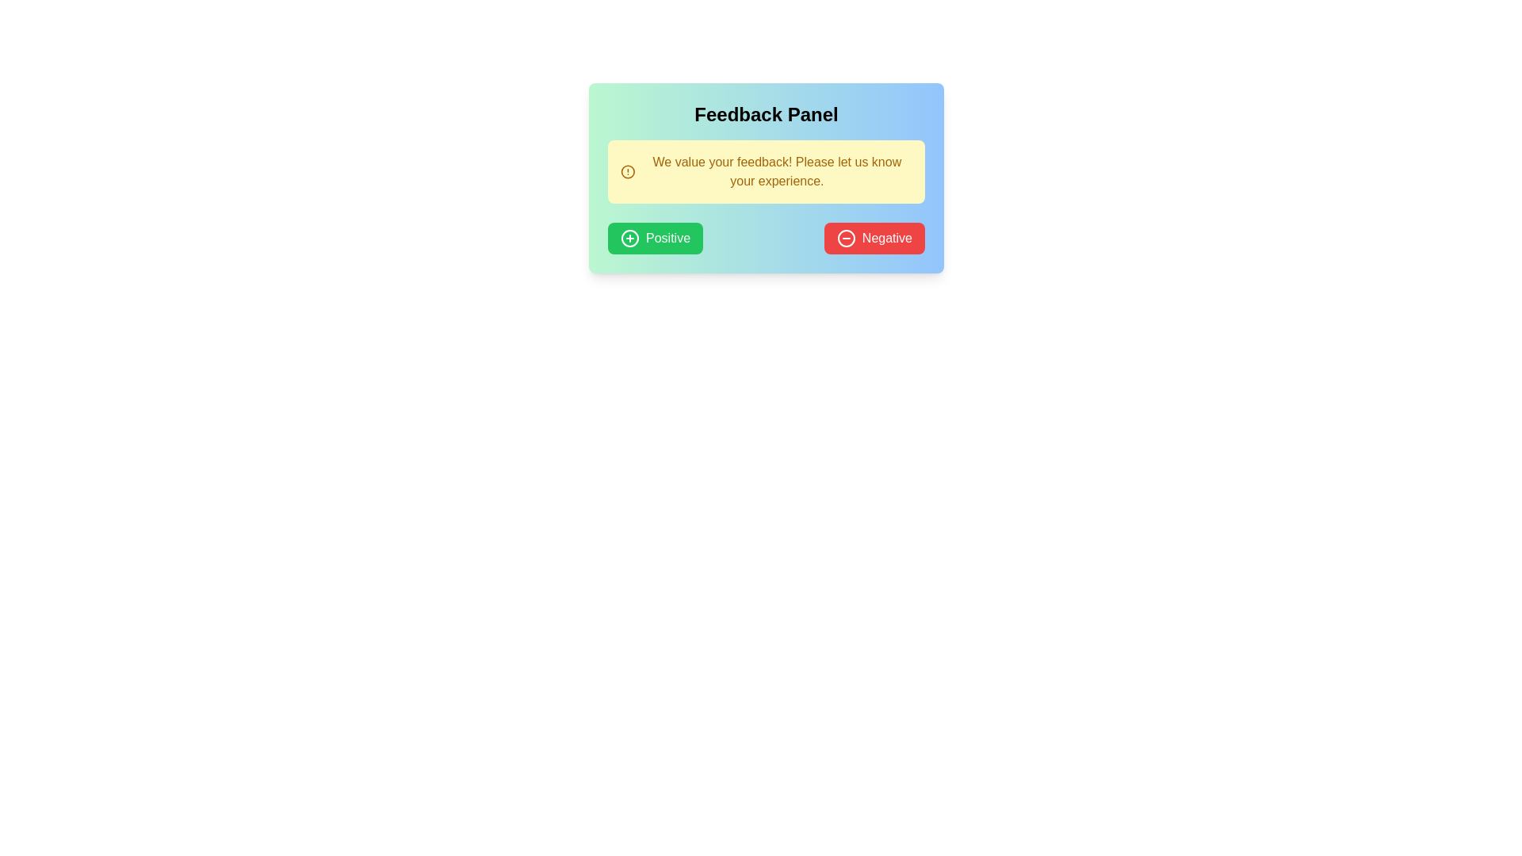  What do you see at coordinates (629, 238) in the screenshot?
I see `the icon located to the left of the 'Positive' text button in the options panel, which is inside a green button at the bottom-left corner of the feedback interface` at bounding box center [629, 238].